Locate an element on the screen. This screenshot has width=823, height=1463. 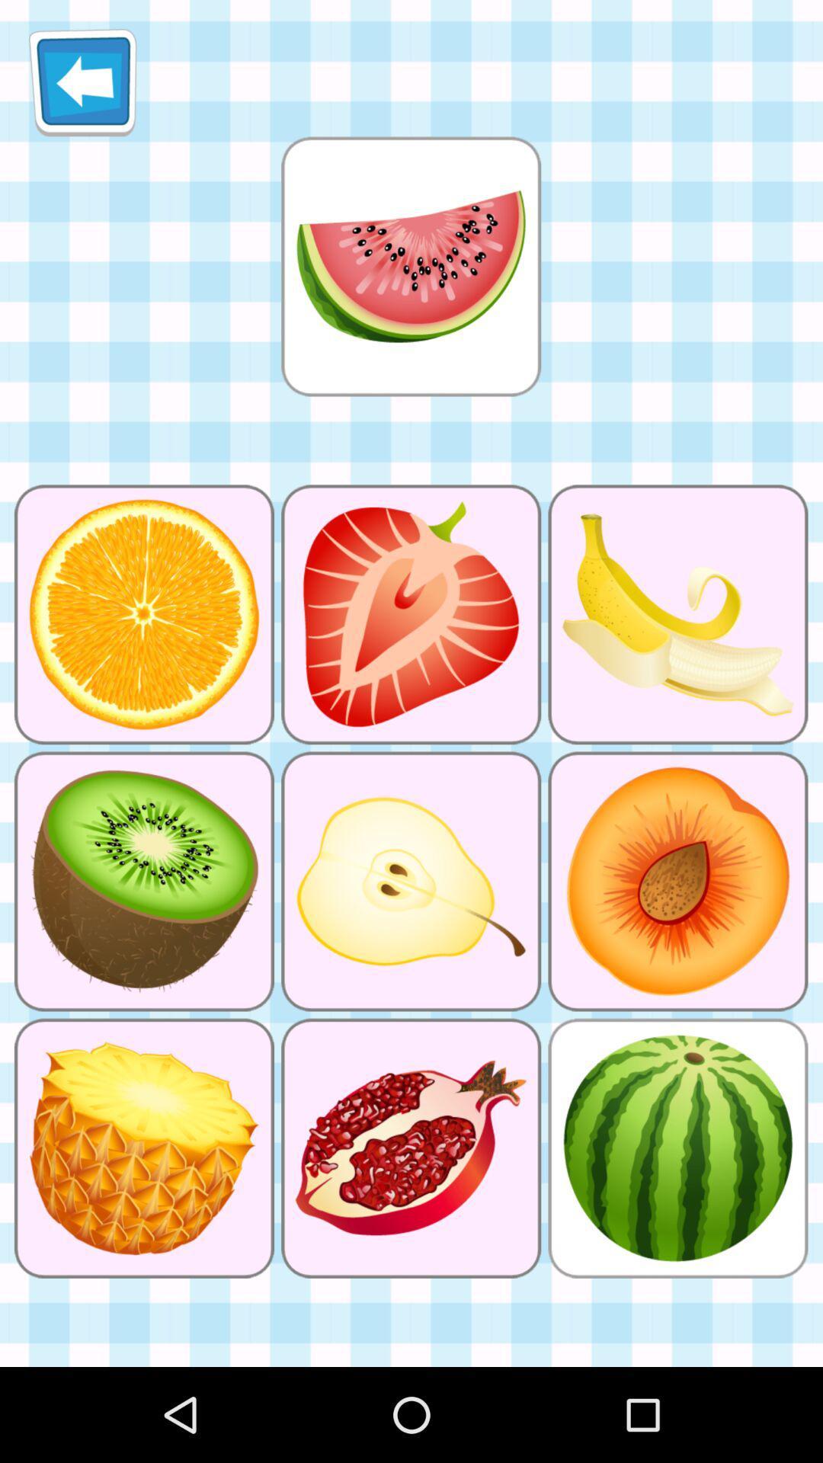
go back is located at coordinates (82, 82).